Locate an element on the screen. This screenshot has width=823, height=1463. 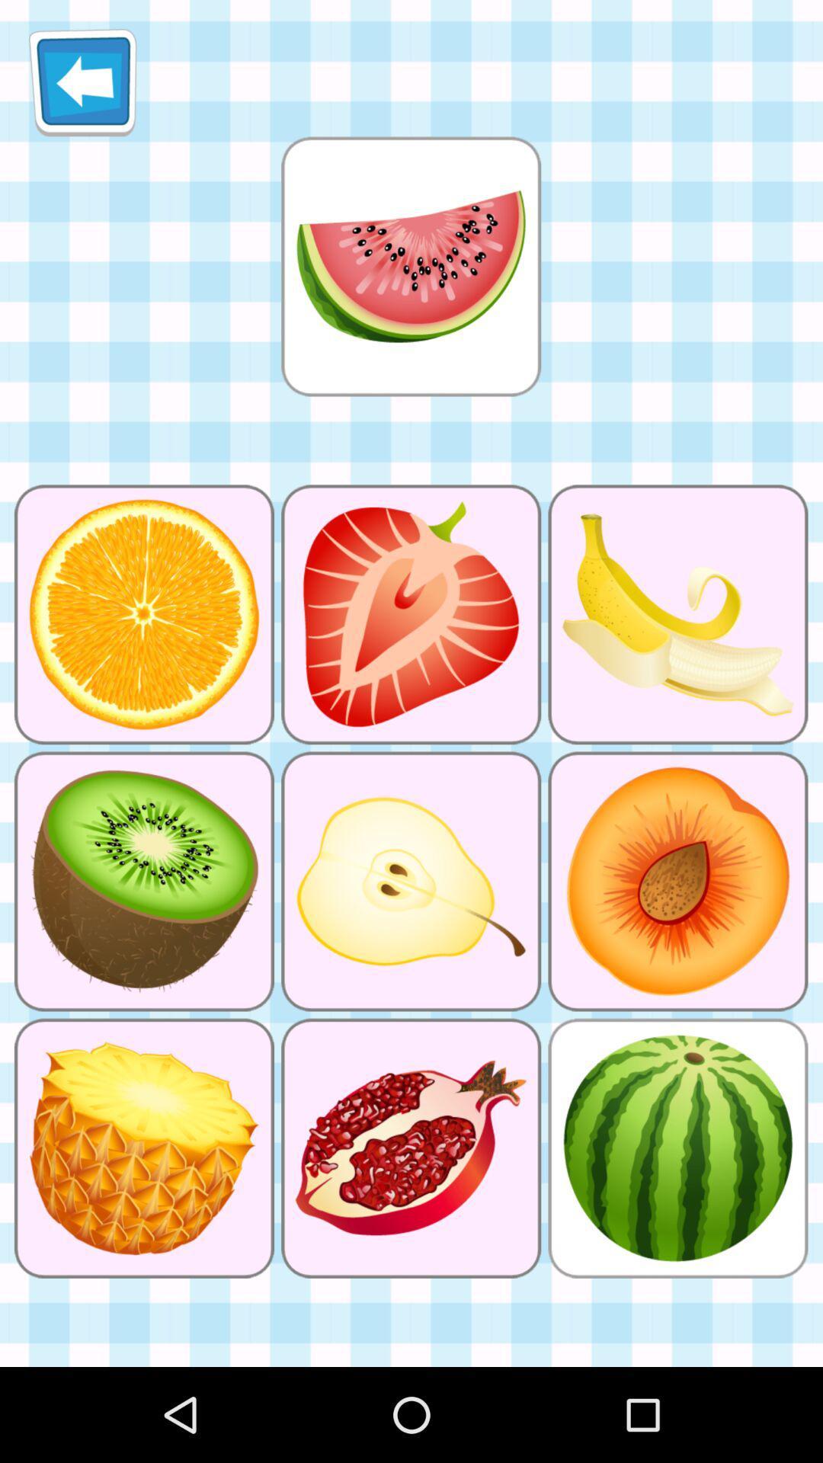
go back is located at coordinates (82, 82).